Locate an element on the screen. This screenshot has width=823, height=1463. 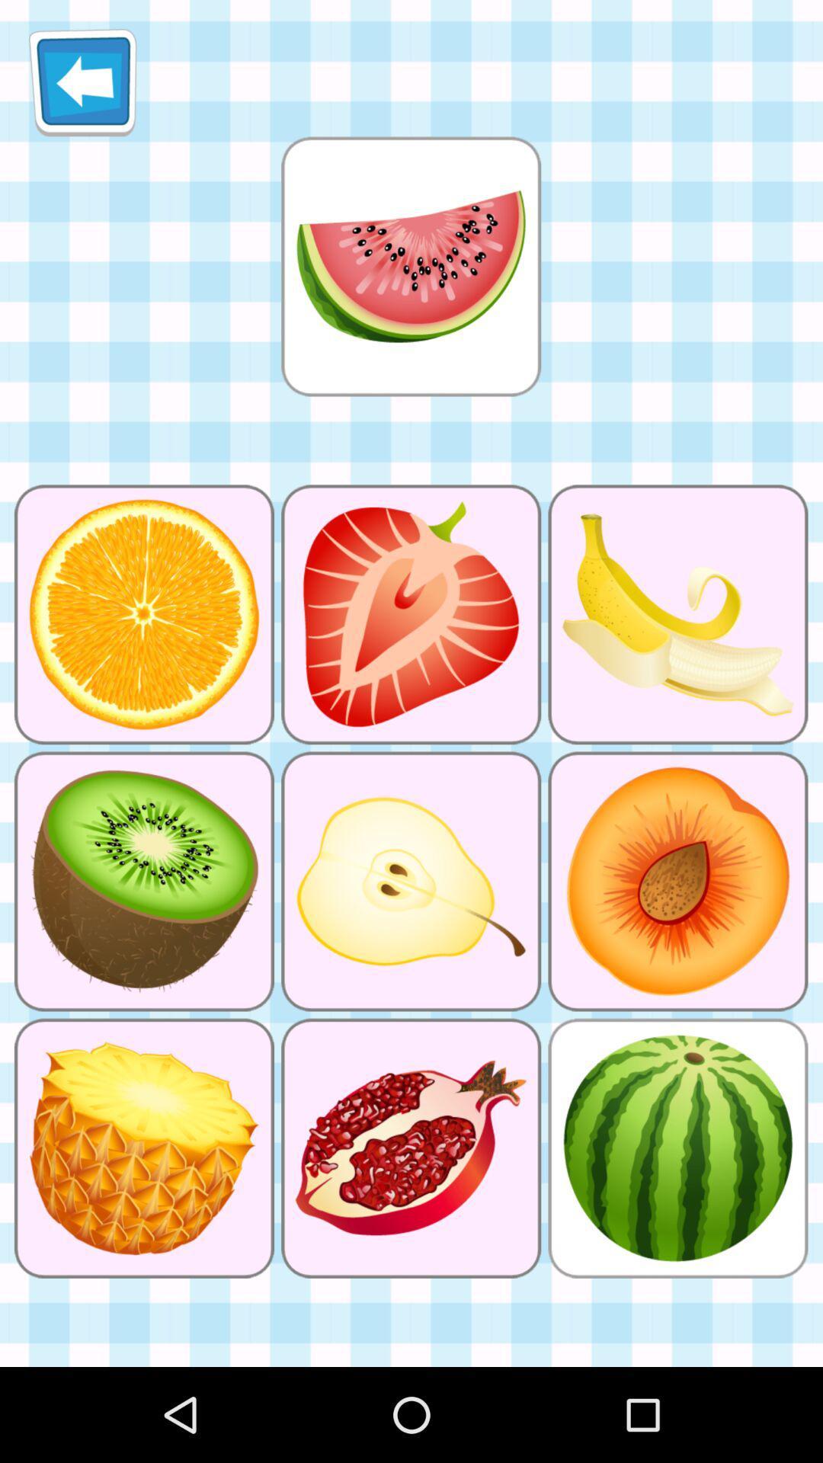
go back is located at coordinates (82, 82).